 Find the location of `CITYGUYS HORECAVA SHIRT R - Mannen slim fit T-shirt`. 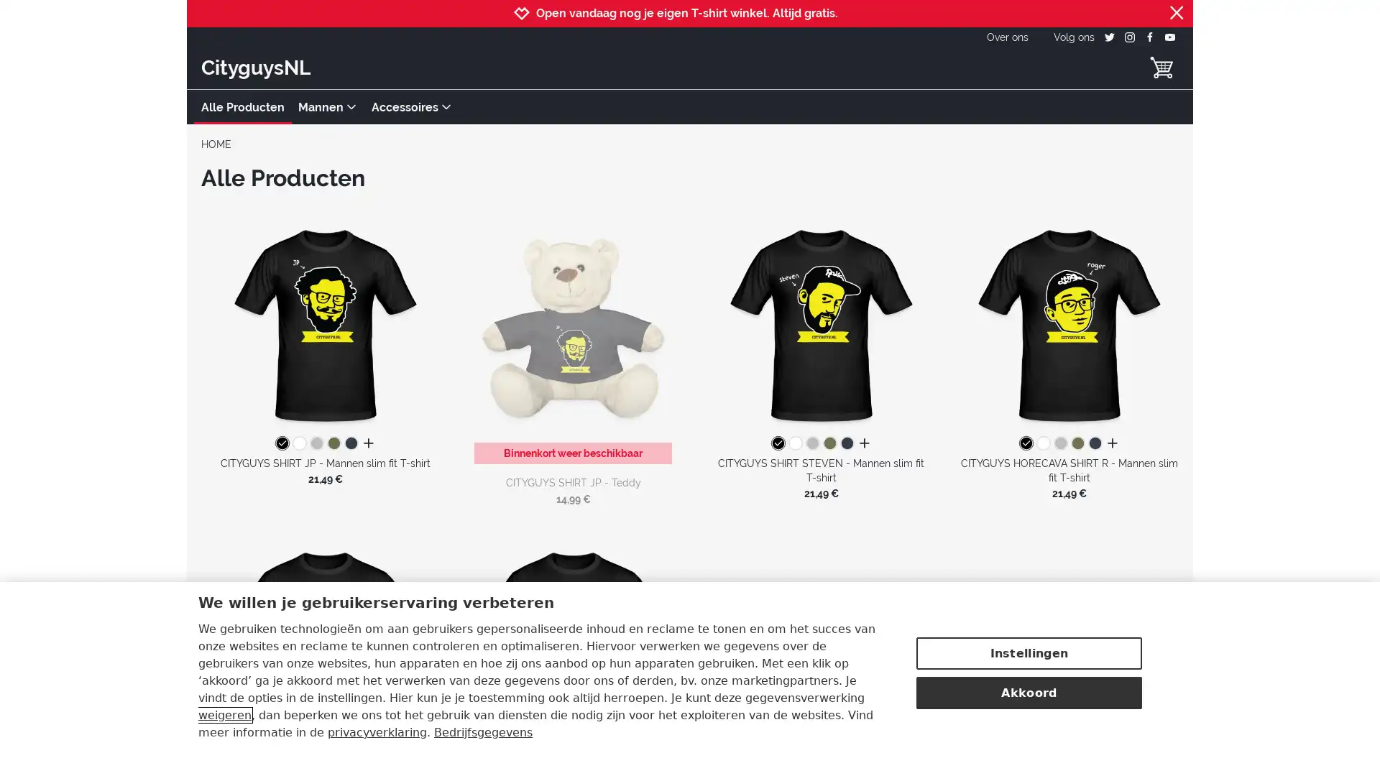

CITYGUYS HORECAVA SHIRT R - Mannen slim fit T-shirt is located at coordinates (1069, 322).